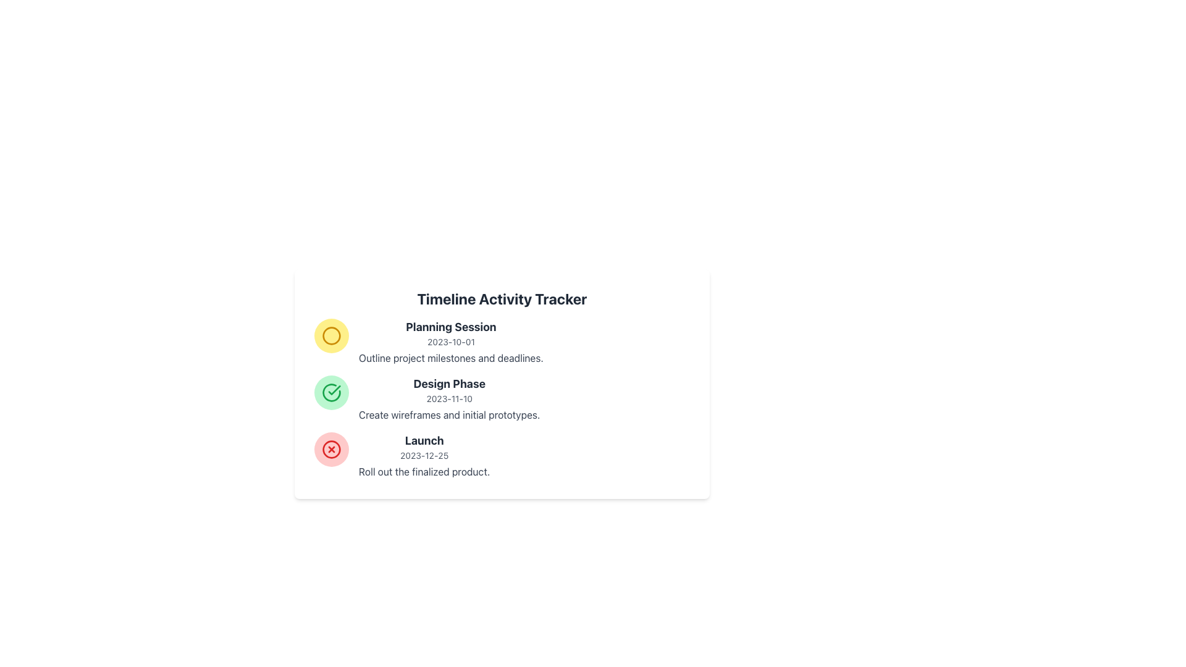 The width and height of the screenshot is (1186, 667). I want to click on the first timeline item in the 'Timeline Activity Tracker' section, so click(502, 342).